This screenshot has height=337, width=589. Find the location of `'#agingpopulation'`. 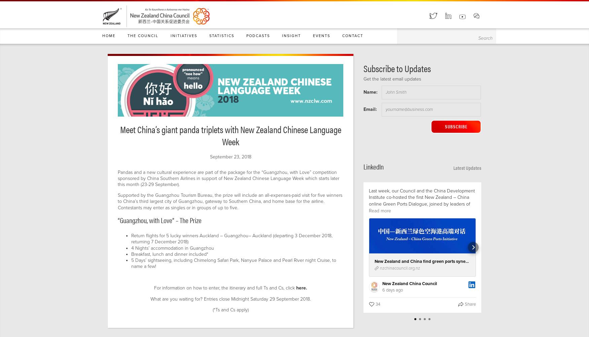

'#agingpopulation' is located at coordinates (547, 303).